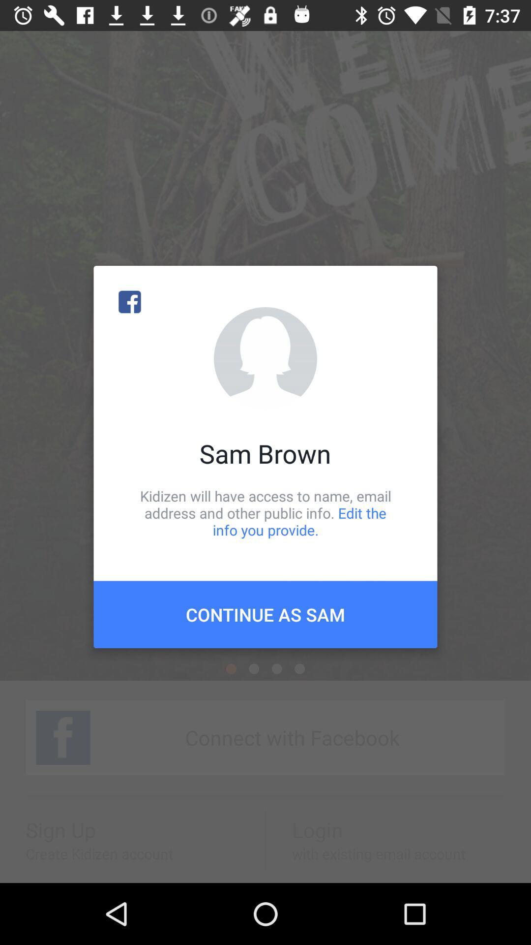 The width and height of the screenshot is (531, 945). What do you see at coordinates (265, 614) in the screenshot?
I see `continue as sam item` at bounding box center [265, 614].